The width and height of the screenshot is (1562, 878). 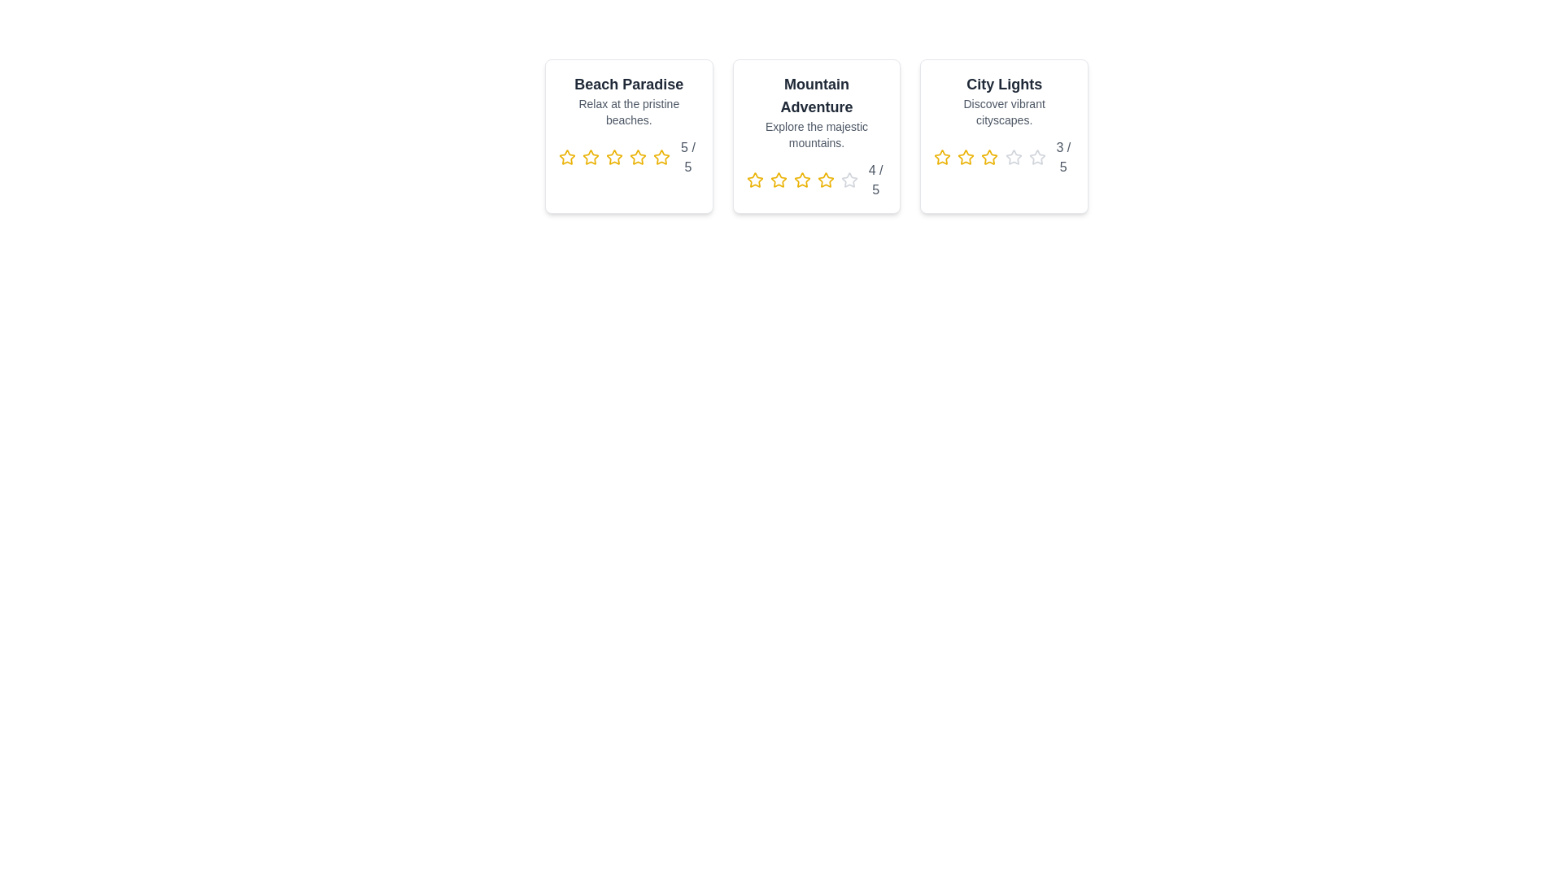 What do you see at coordinates (628, 111) in the screenshot?
I see `the description of the destination Beach Paradise` at bounding box center [628, 111].